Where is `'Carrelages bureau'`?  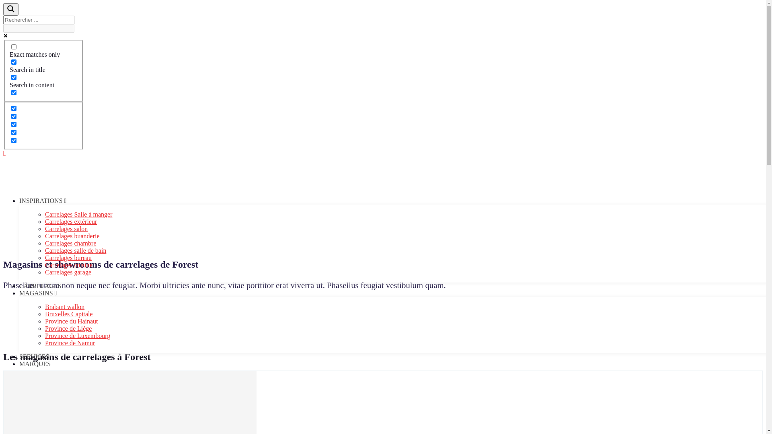
'Carrelages bureau' is located at coordinates (68, 258).